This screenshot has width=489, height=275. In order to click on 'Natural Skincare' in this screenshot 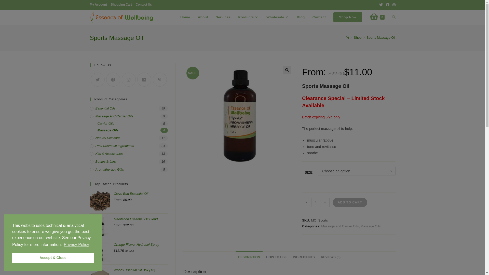, I will do `click(89, 138)`.